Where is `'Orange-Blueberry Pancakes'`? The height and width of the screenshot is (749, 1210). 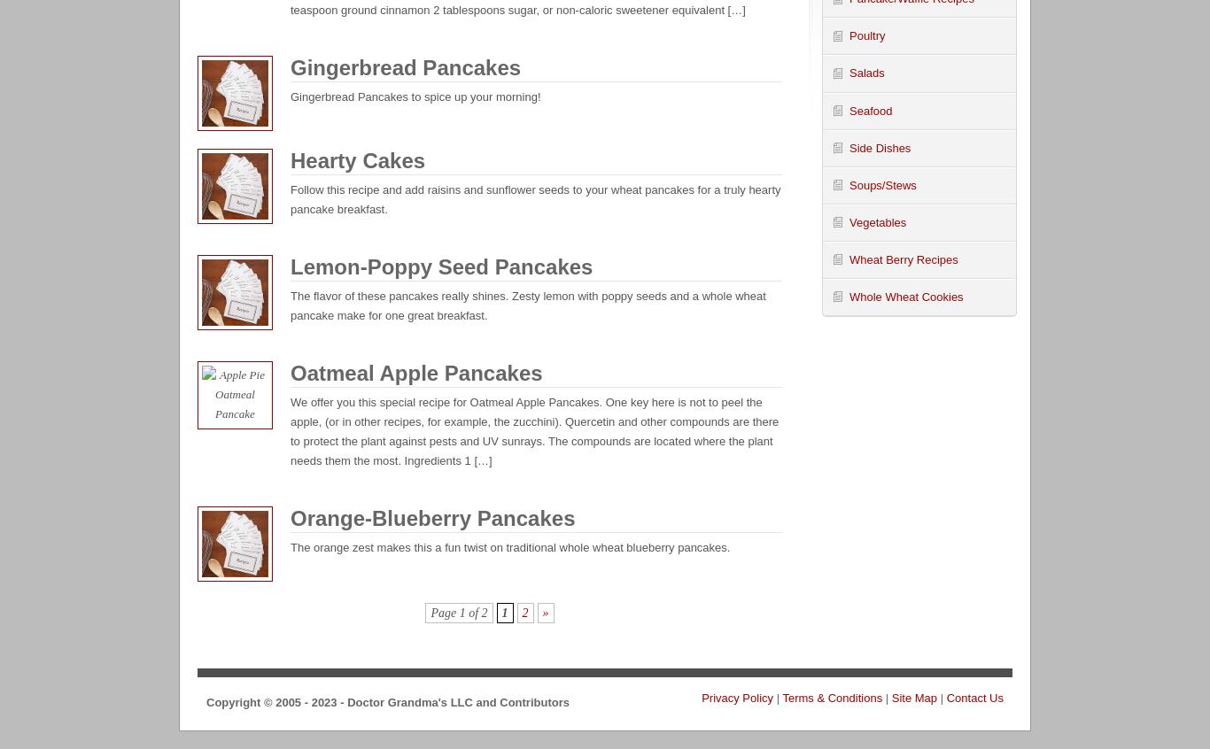
'Orange-Blueberry Pancakes' is located at coordinates (290, 517).